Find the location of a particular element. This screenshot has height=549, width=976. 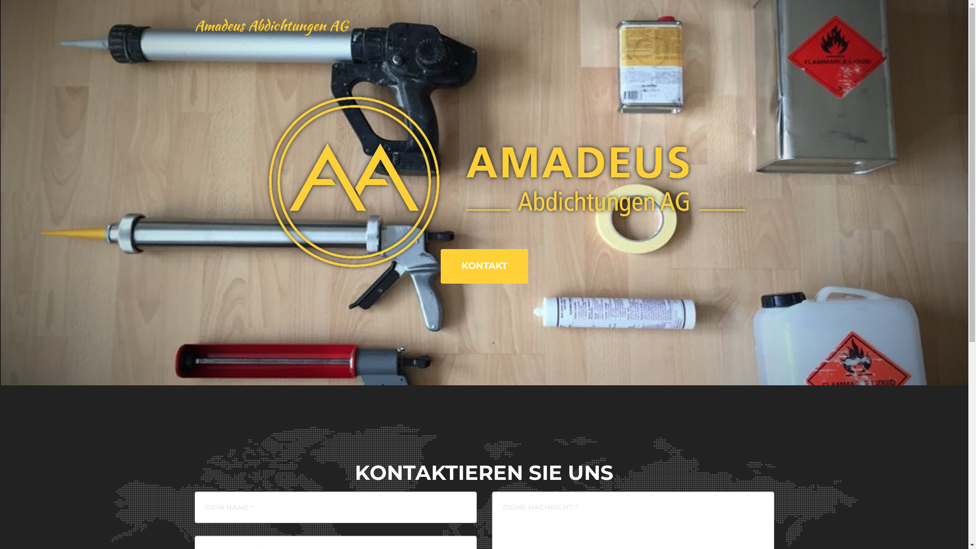

'KONTAKT' is located at coordinates (483, 266).